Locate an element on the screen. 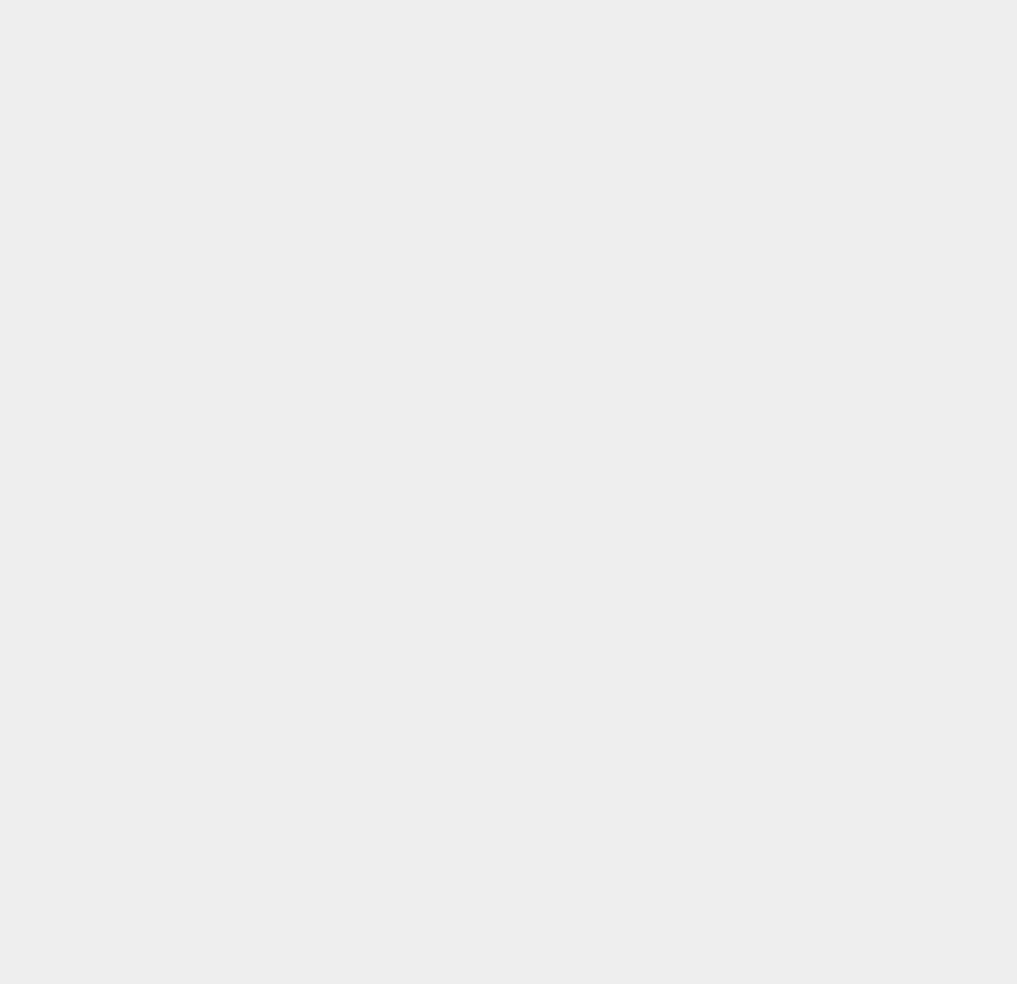 The width and height of the screenshot is (1017, 984). 'BuySellAds' is located at coordinates (751, 669).